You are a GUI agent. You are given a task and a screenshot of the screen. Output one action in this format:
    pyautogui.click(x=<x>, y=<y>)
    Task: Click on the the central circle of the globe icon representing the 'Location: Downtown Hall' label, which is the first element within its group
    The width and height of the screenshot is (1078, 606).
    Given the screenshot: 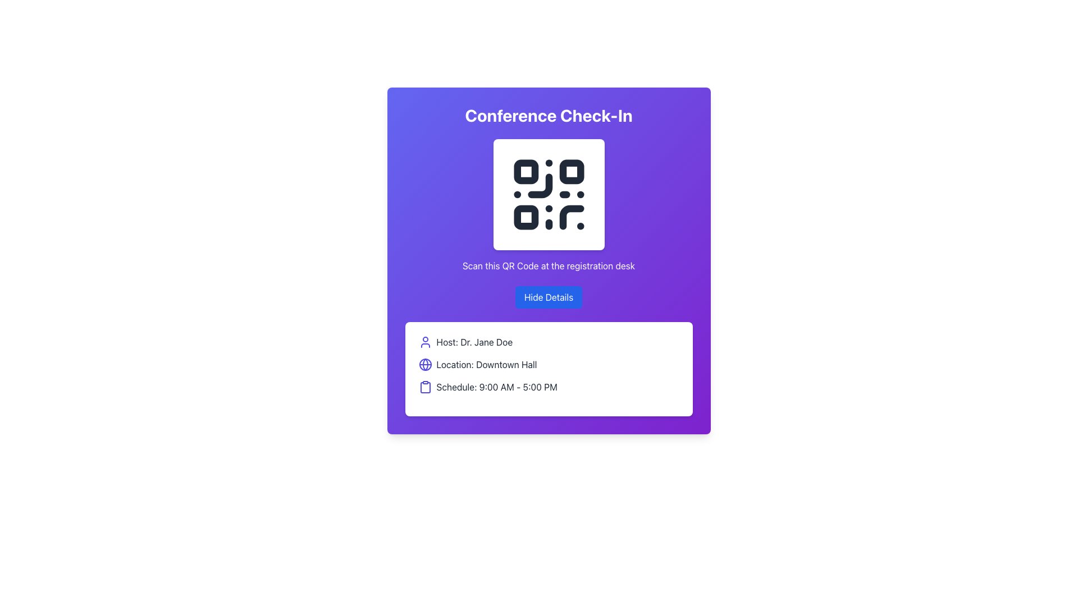 What is the action you would take?
    pyautogui.click(x=424, y=365)
    